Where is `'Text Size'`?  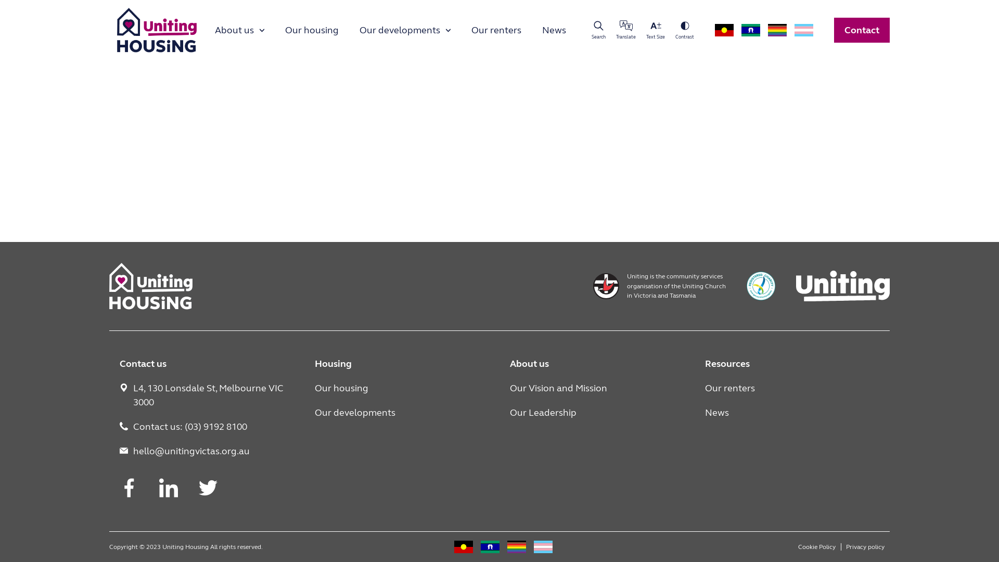
'Text Size' is located at coordinates (641, 29).